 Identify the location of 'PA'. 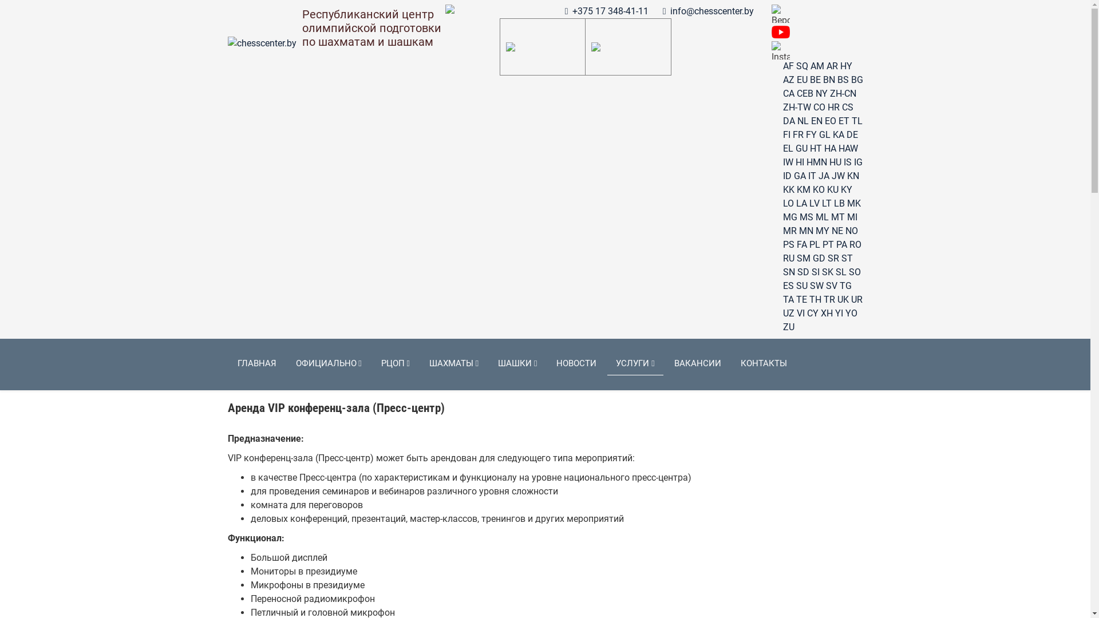
(835, 244).